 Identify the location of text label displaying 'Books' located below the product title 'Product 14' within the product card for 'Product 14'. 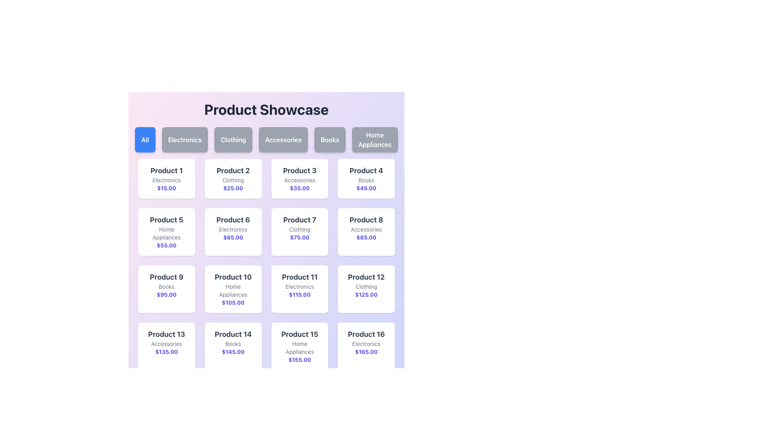
(233, 344).